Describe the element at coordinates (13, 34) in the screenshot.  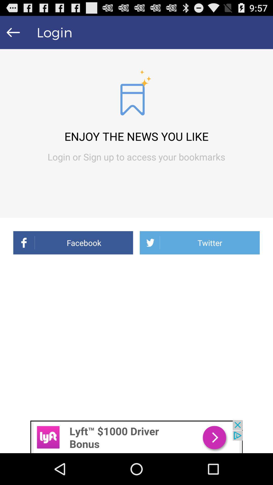
I see `the arrow_backward icon` at that location.